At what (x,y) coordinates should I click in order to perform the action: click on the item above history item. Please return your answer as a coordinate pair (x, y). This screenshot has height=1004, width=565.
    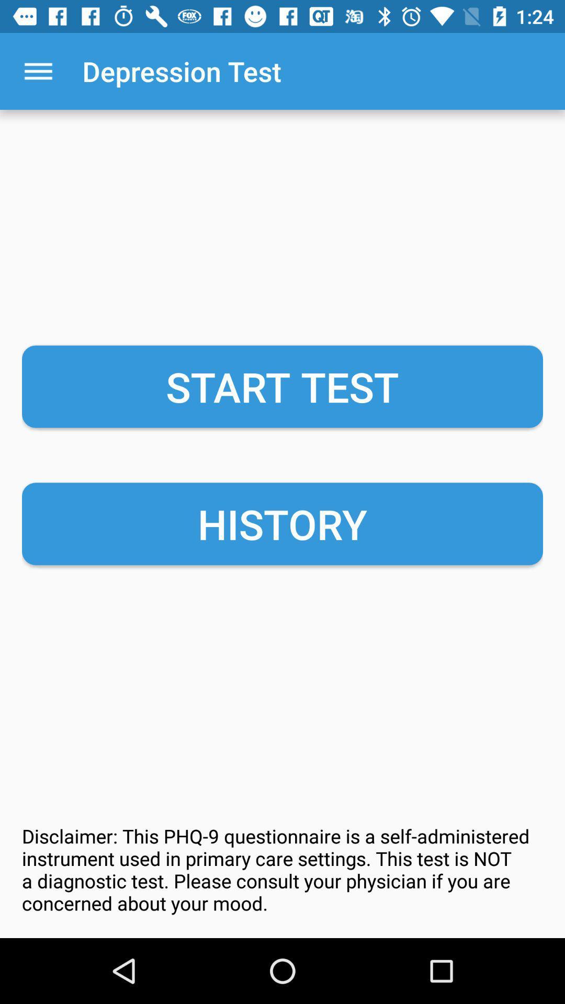
    Looking at the image, I should click on (282, 386).